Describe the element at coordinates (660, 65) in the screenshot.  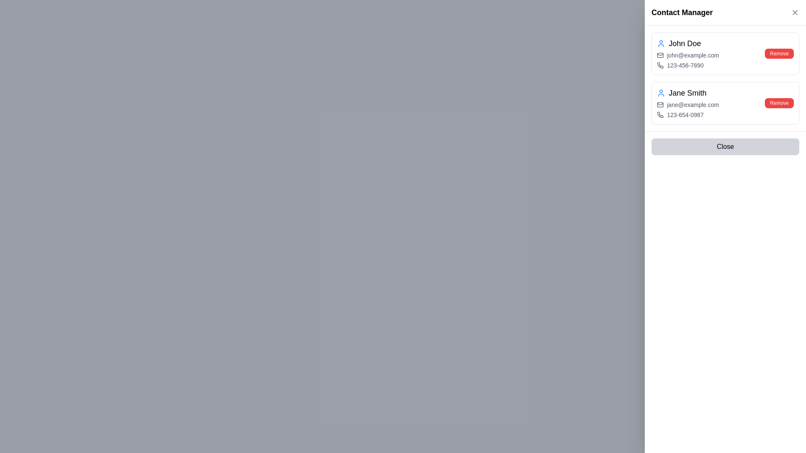
I see `the telephone handset icon` at that location.